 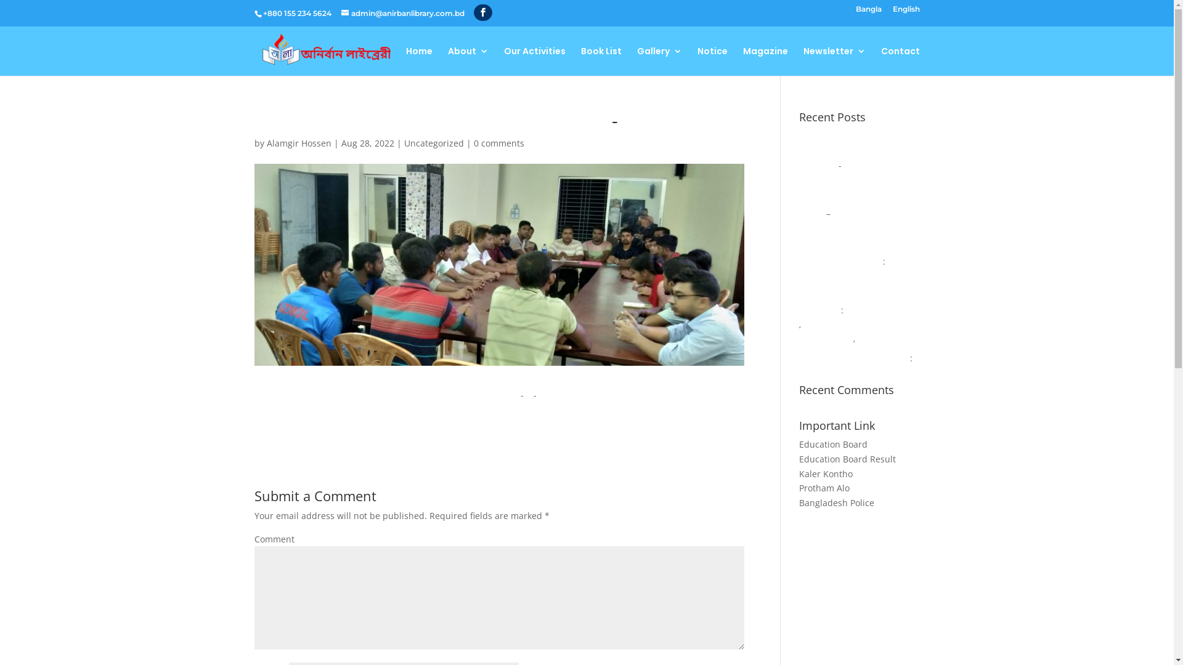 I want to click on 'Book List', so click(x=600, y=61).